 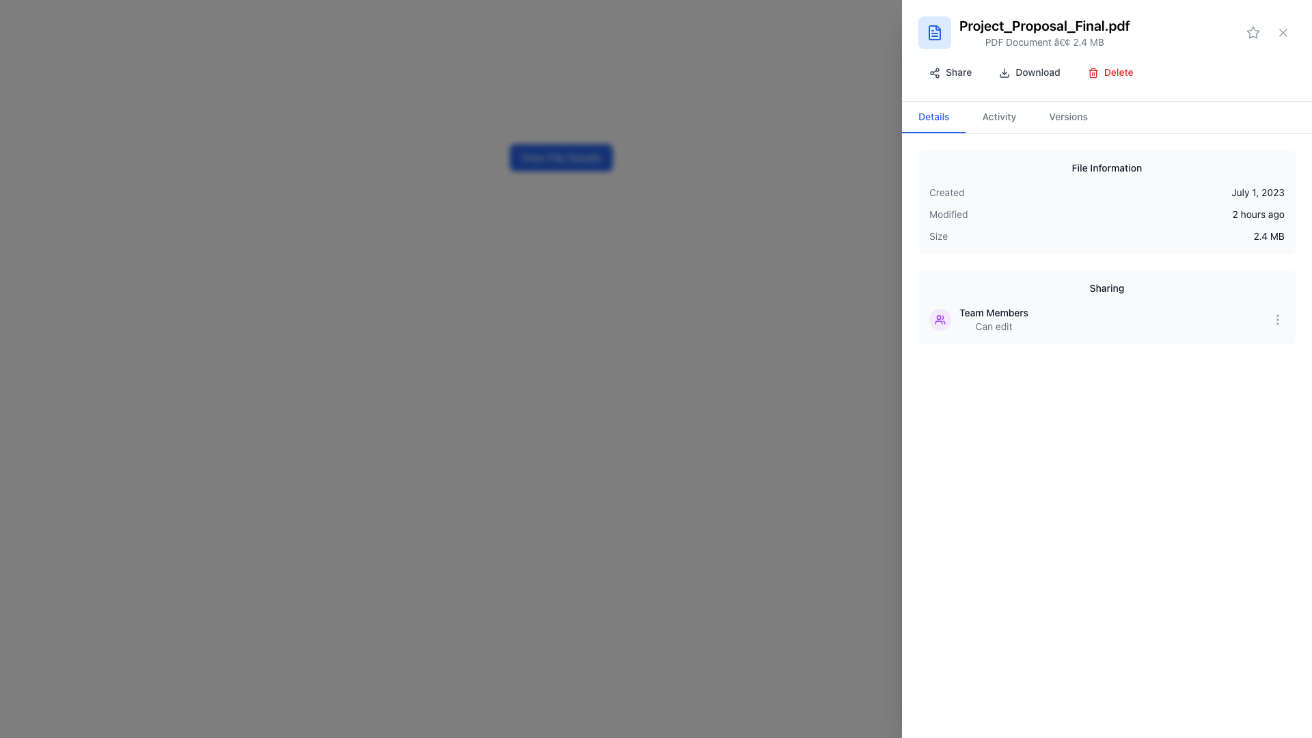 I want to click on the heading element containing the text 'Sharing', which is styled in a medium bold font with dark gray color, positioned centrally within a light gray rounded block at the top of the 'Sharing' section, so click(x=1107, y=287).